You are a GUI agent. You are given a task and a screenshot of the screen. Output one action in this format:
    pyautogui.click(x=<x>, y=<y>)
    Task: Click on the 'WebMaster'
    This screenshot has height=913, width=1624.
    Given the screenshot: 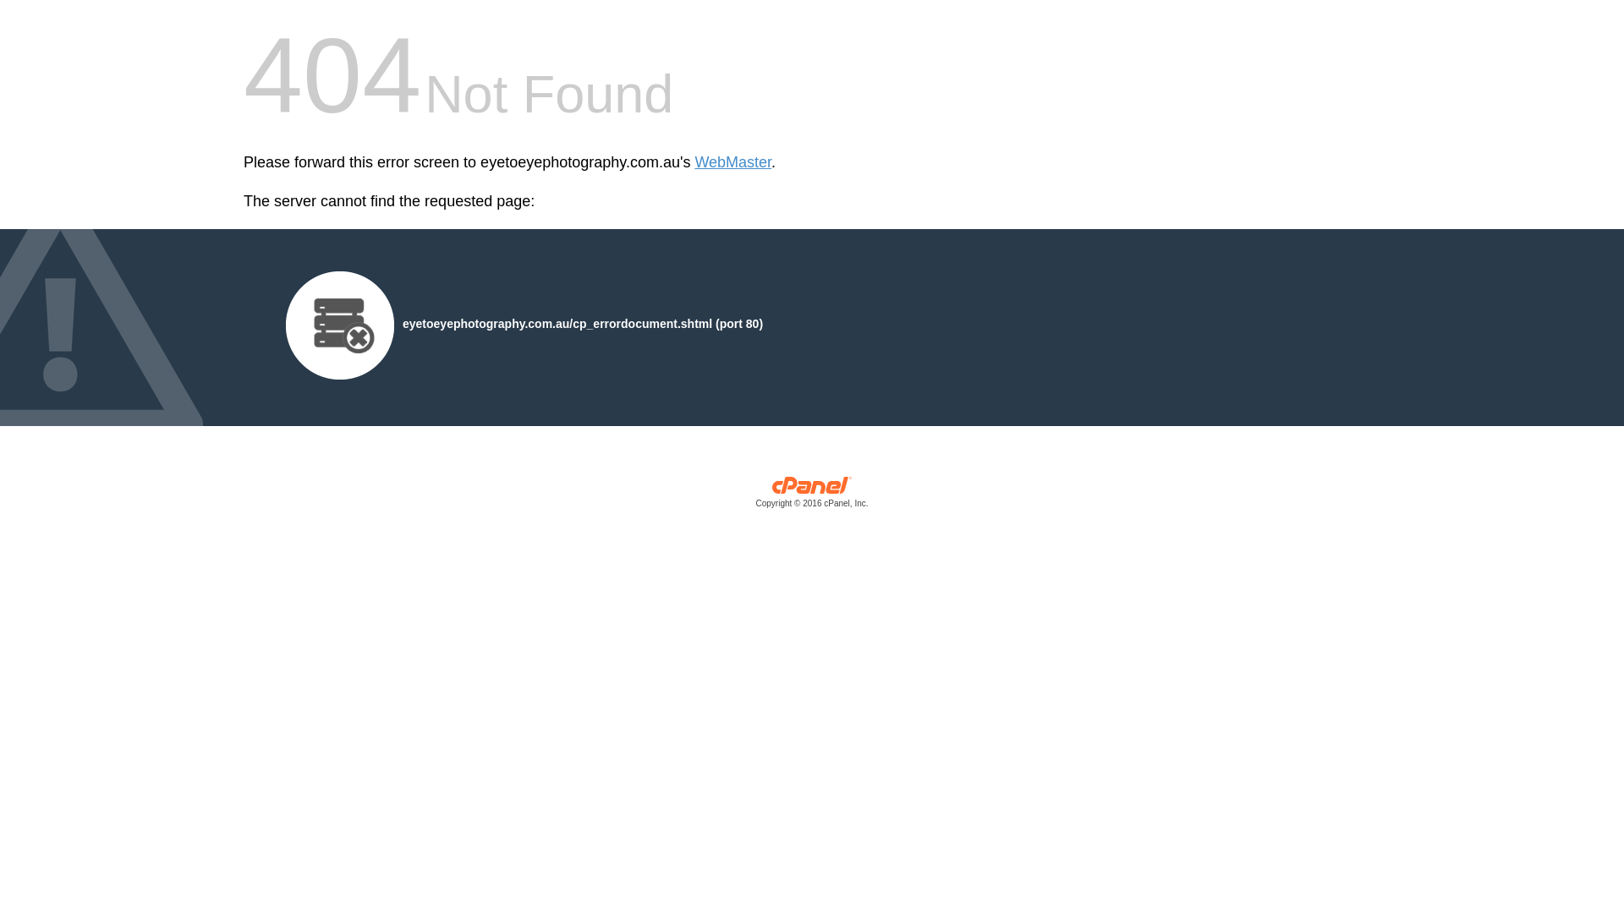 What is the action you would take?
    pyautogui.click(x=732, y=162)
    